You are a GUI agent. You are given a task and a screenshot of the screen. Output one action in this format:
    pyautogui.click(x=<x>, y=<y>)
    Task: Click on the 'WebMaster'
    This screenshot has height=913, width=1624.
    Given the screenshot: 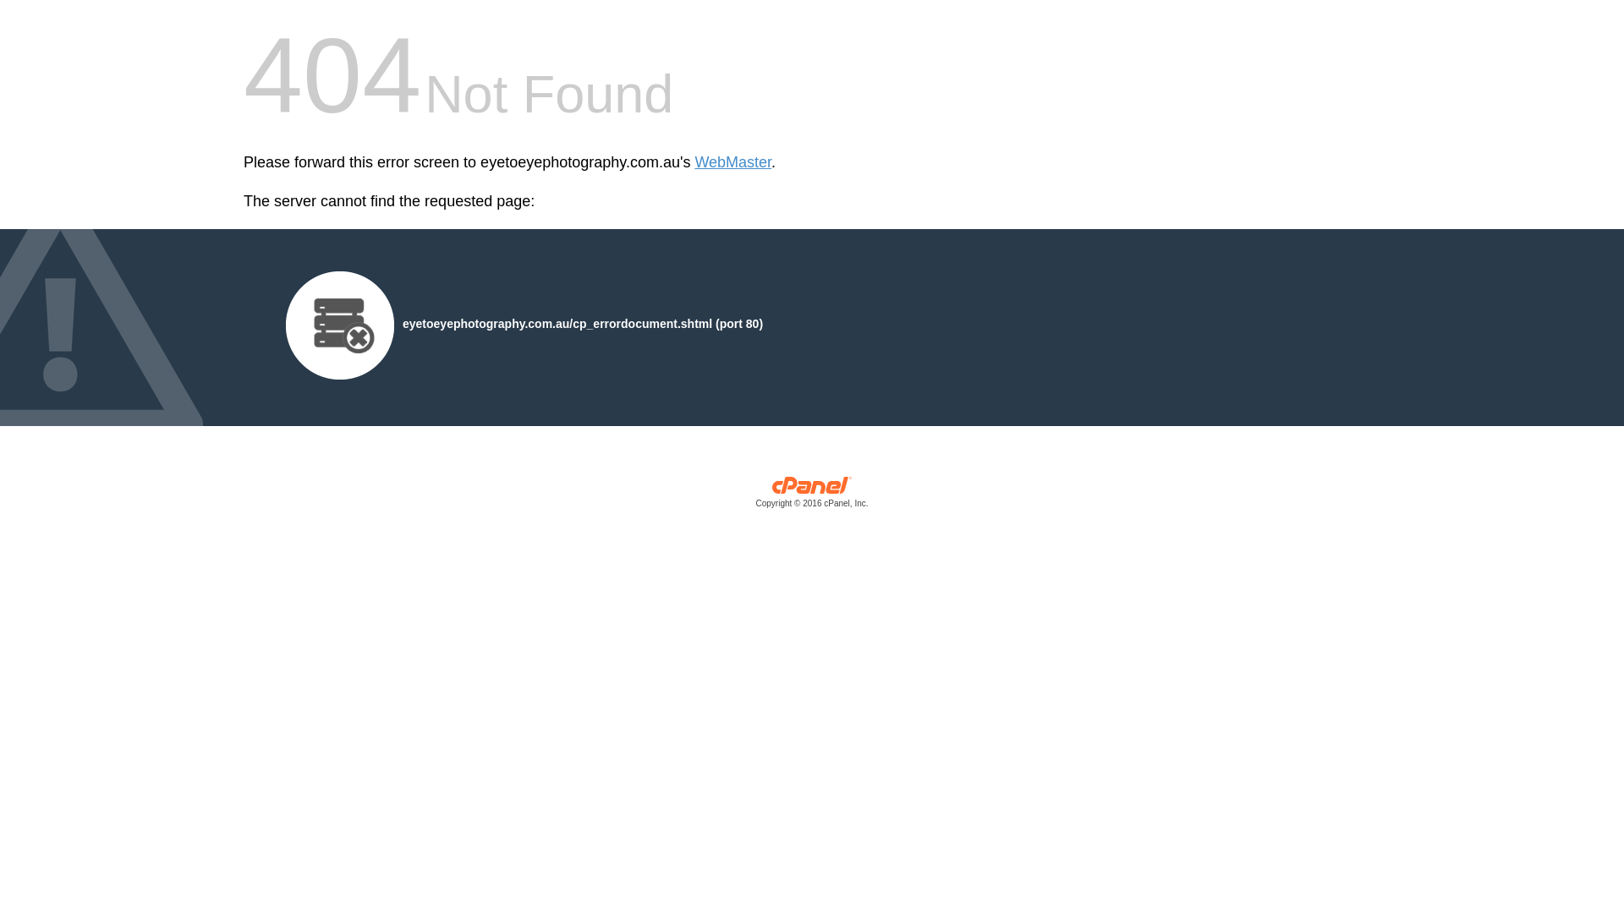 What is the action you would take?
    pyautogui.click(x=732, y=162)
    